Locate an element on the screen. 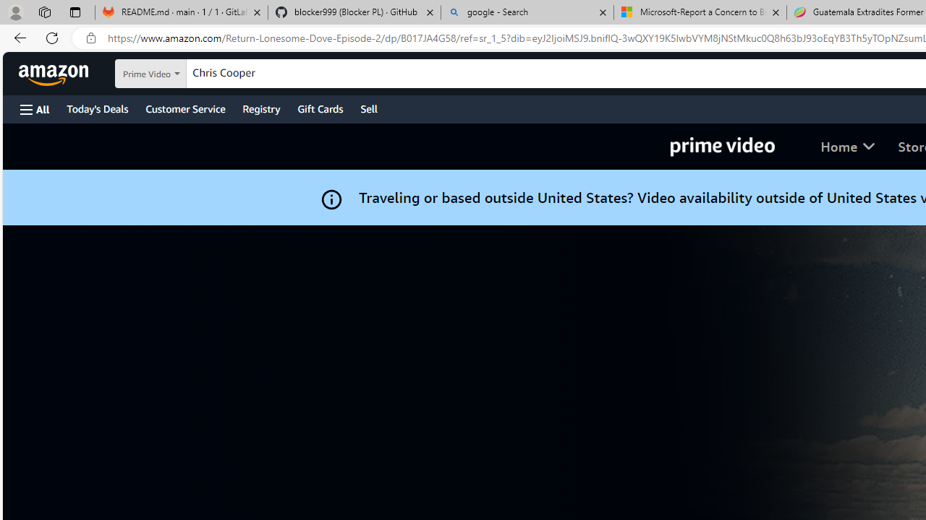 This screenshot has width=926, height=520. 'Sell' is located at coordinates (369, 108).